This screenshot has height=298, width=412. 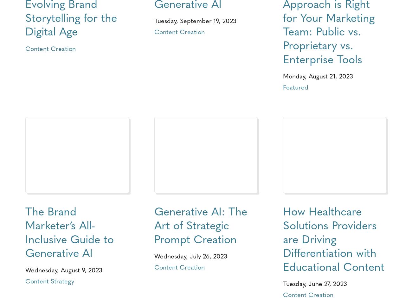 What do you see at coordinates (64, 269) in the screenshot?
I see `'Wednesday, August 9, 2023'` at bounding box center [64, 269].